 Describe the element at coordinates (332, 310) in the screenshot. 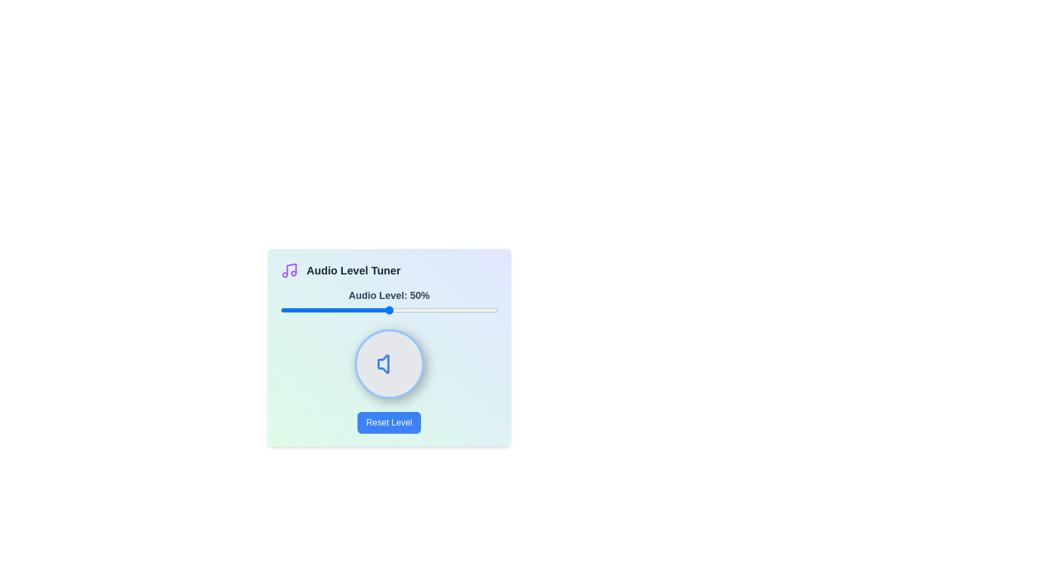

I see `the audio level to 24% by dragging the slider` at that location.